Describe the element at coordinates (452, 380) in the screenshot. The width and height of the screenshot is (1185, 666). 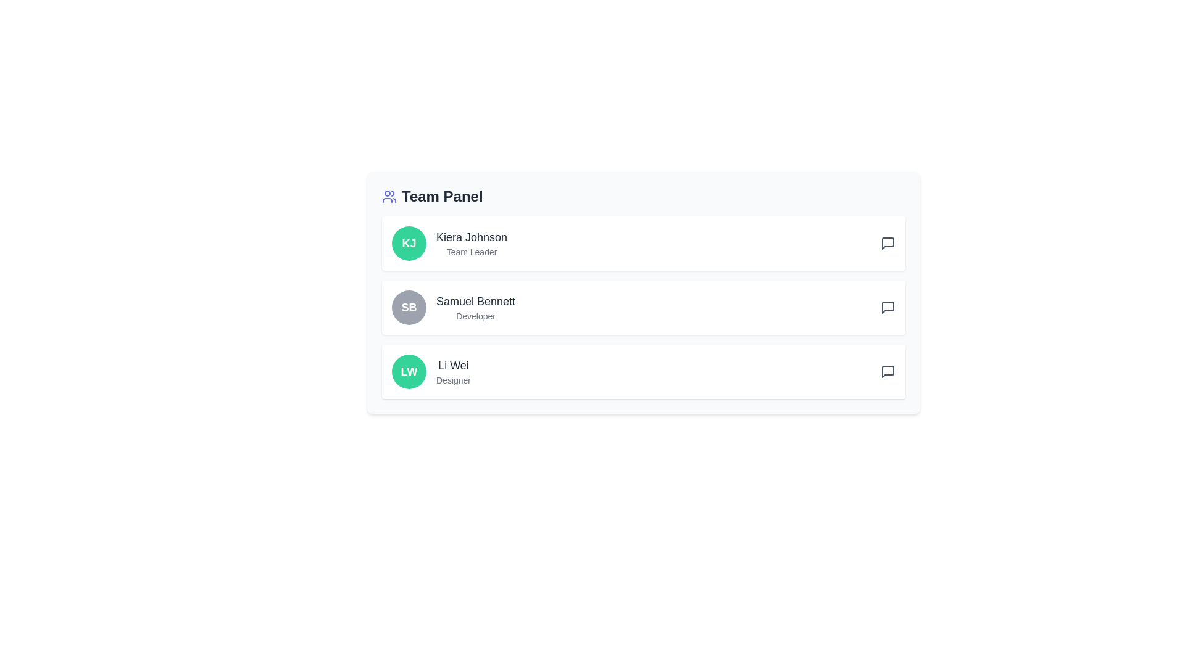
I see `the static text label displaying the word 'Designer', which is styled in gray and positioned below the name 'Li Wei' within the white card section` at that location.